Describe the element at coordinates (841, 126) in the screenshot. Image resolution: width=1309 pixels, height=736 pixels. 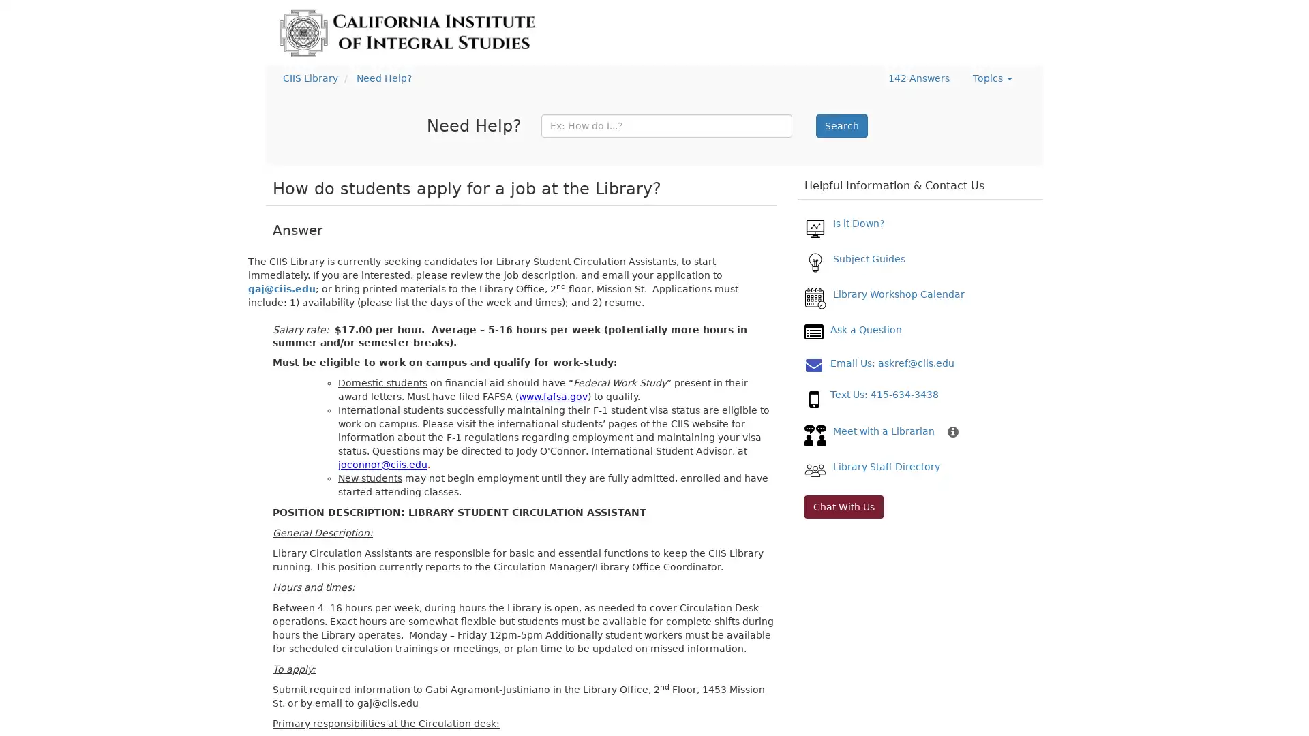
I see `Search` at that location.